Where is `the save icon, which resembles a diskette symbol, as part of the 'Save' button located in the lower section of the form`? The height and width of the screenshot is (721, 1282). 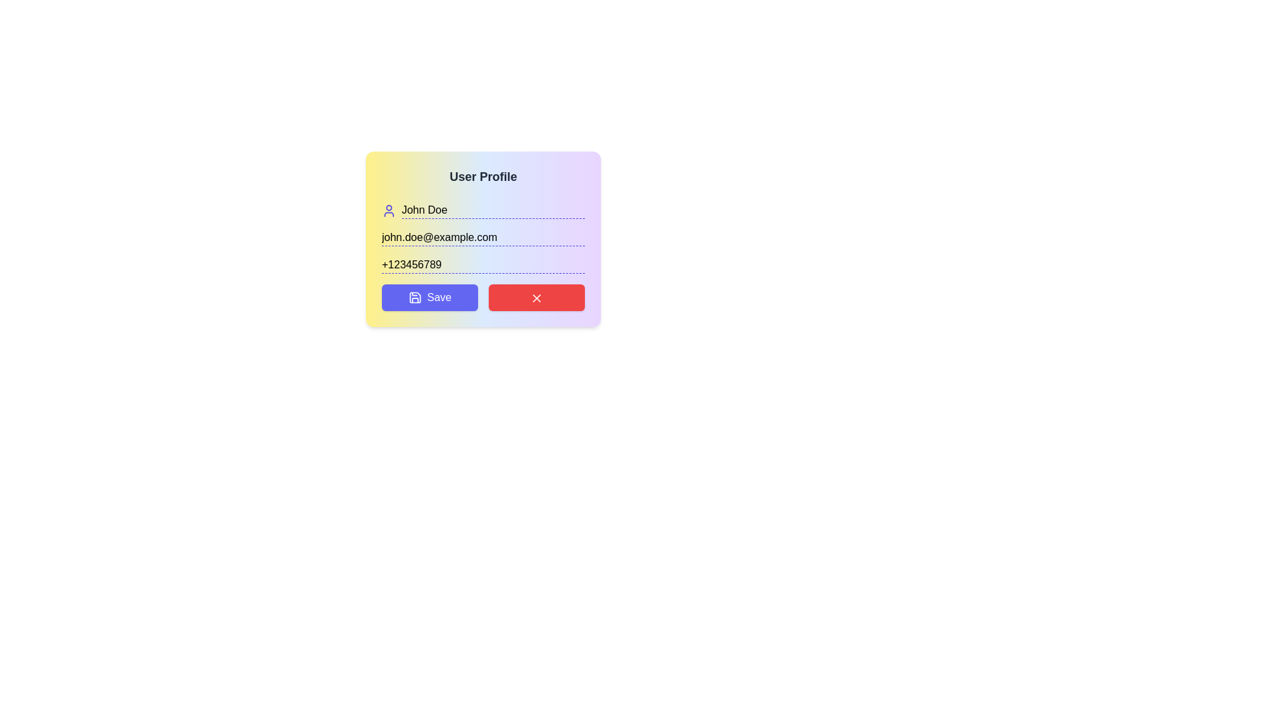
the save icon, which resembles a diskette symbol, as part of the 'Save' button located in the lower section of the form is located at coordinates (414, 297).